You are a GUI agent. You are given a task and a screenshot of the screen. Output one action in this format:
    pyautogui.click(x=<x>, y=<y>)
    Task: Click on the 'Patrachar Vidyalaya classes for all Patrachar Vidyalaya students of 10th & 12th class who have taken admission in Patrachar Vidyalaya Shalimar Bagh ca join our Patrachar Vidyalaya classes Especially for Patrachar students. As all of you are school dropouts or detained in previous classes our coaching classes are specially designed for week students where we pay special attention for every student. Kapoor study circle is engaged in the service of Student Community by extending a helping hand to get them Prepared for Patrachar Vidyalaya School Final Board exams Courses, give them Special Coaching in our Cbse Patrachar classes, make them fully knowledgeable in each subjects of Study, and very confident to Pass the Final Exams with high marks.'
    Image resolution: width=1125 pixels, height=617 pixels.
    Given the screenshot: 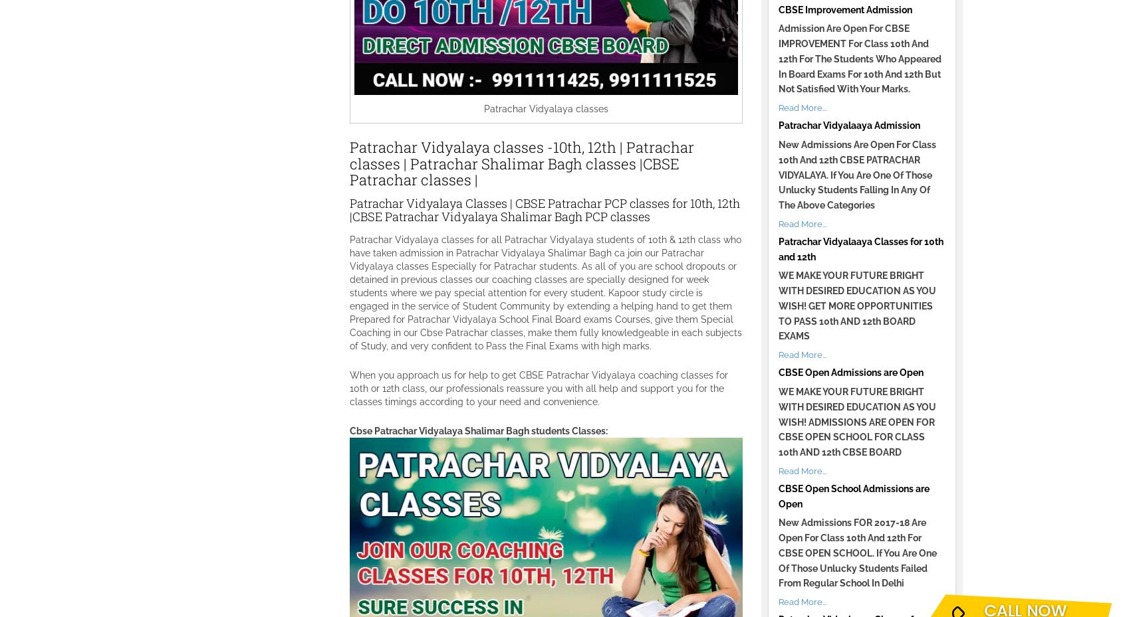 What is the action you would take?
    pyautogui.click(x=349, y=291)
    